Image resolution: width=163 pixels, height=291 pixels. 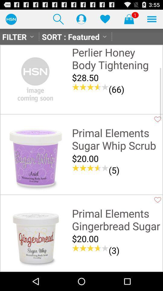 I want to click on love this, so click(x=158, y=199).